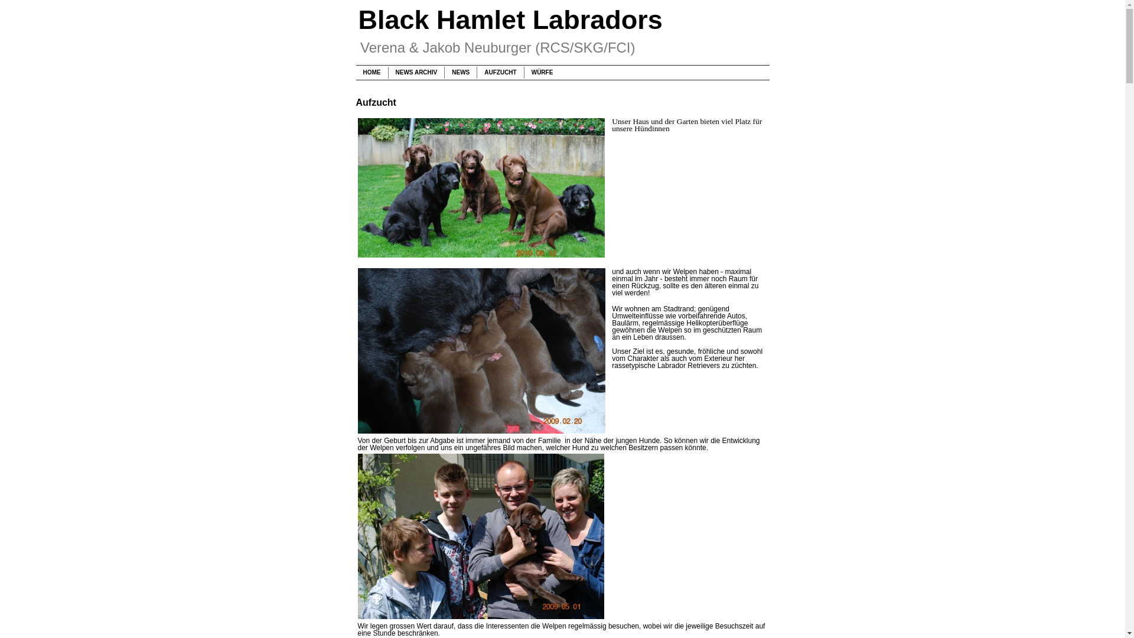  I want to click on 'HOME', so click(370, 73).